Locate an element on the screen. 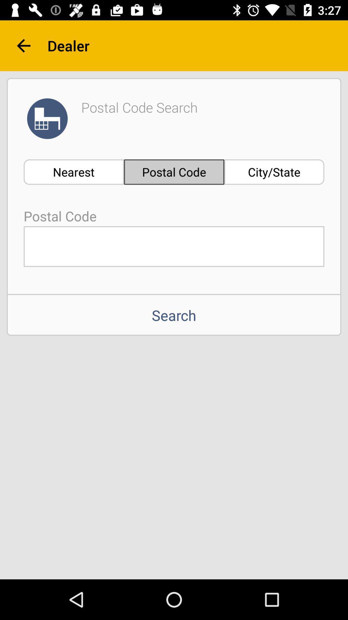  item above the postal code item is located at coordinates (73, 172).